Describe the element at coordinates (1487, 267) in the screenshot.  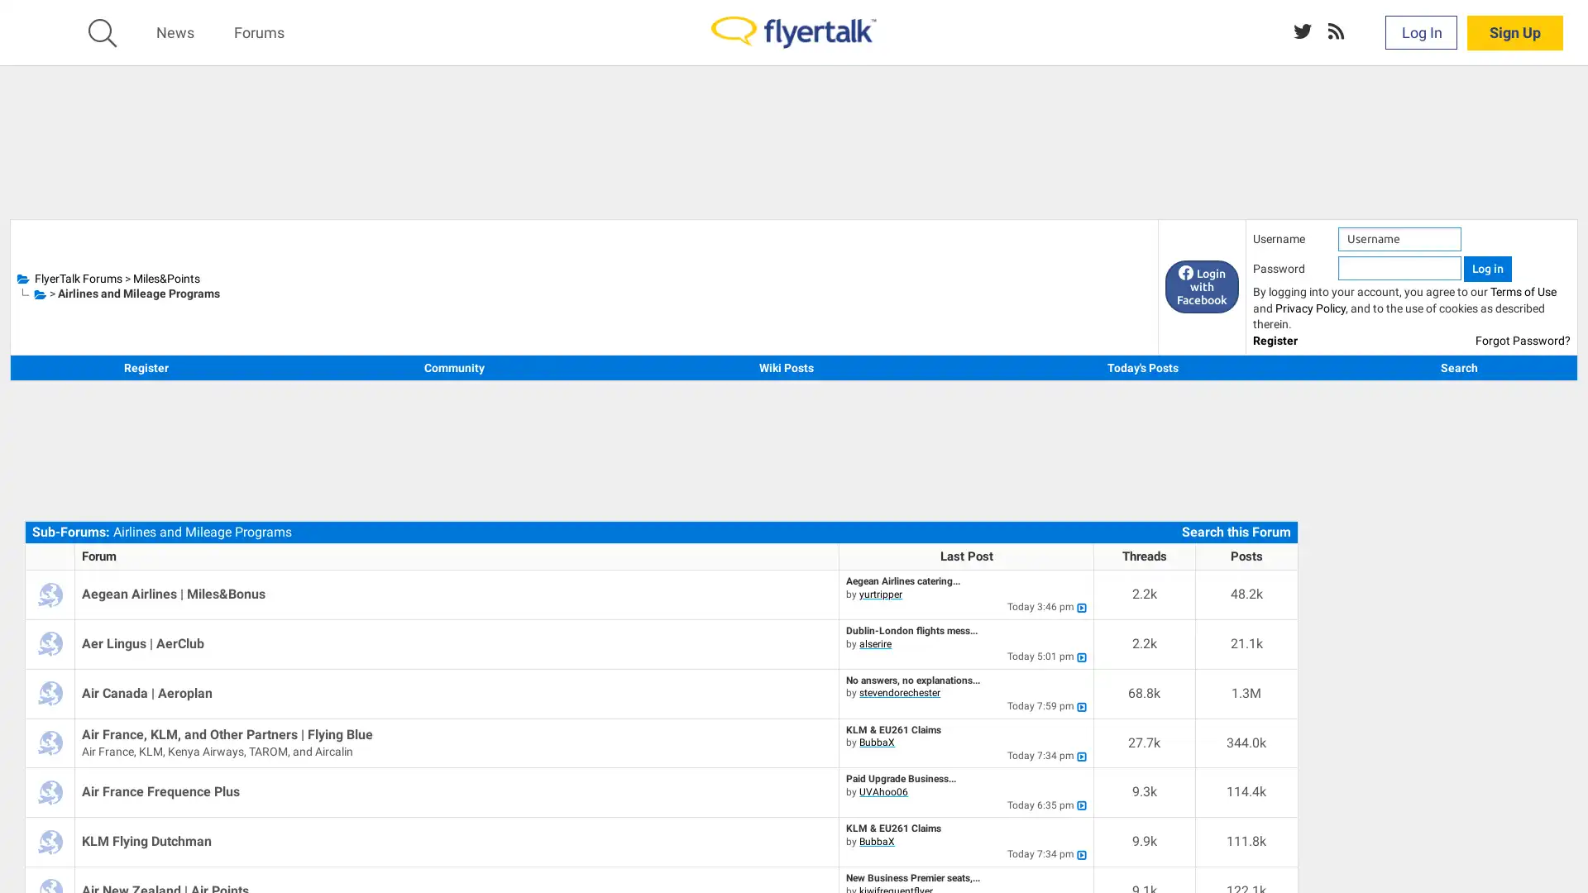
I see `Log in` at that location.